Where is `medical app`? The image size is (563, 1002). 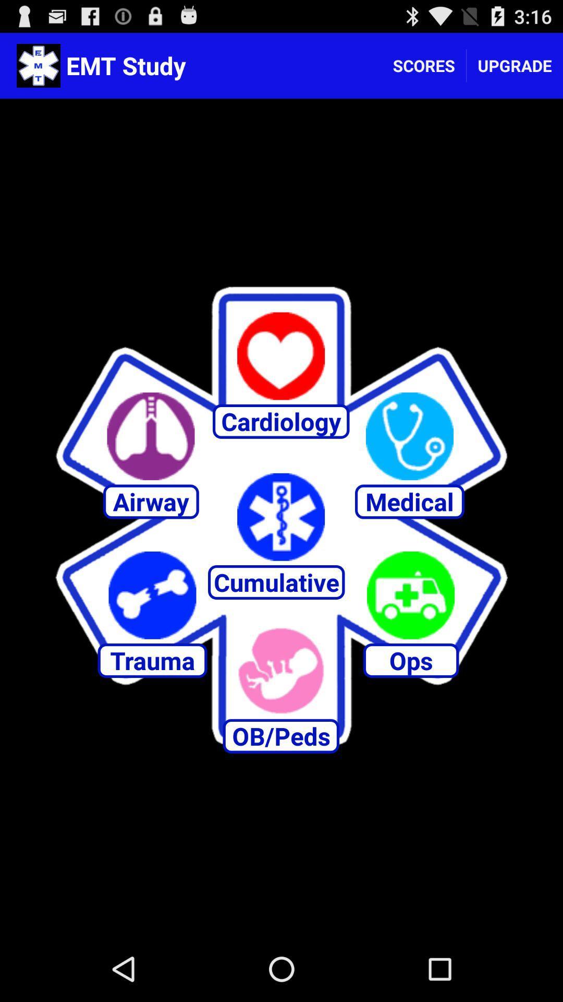 medical app is located at coordinates (409, 436).